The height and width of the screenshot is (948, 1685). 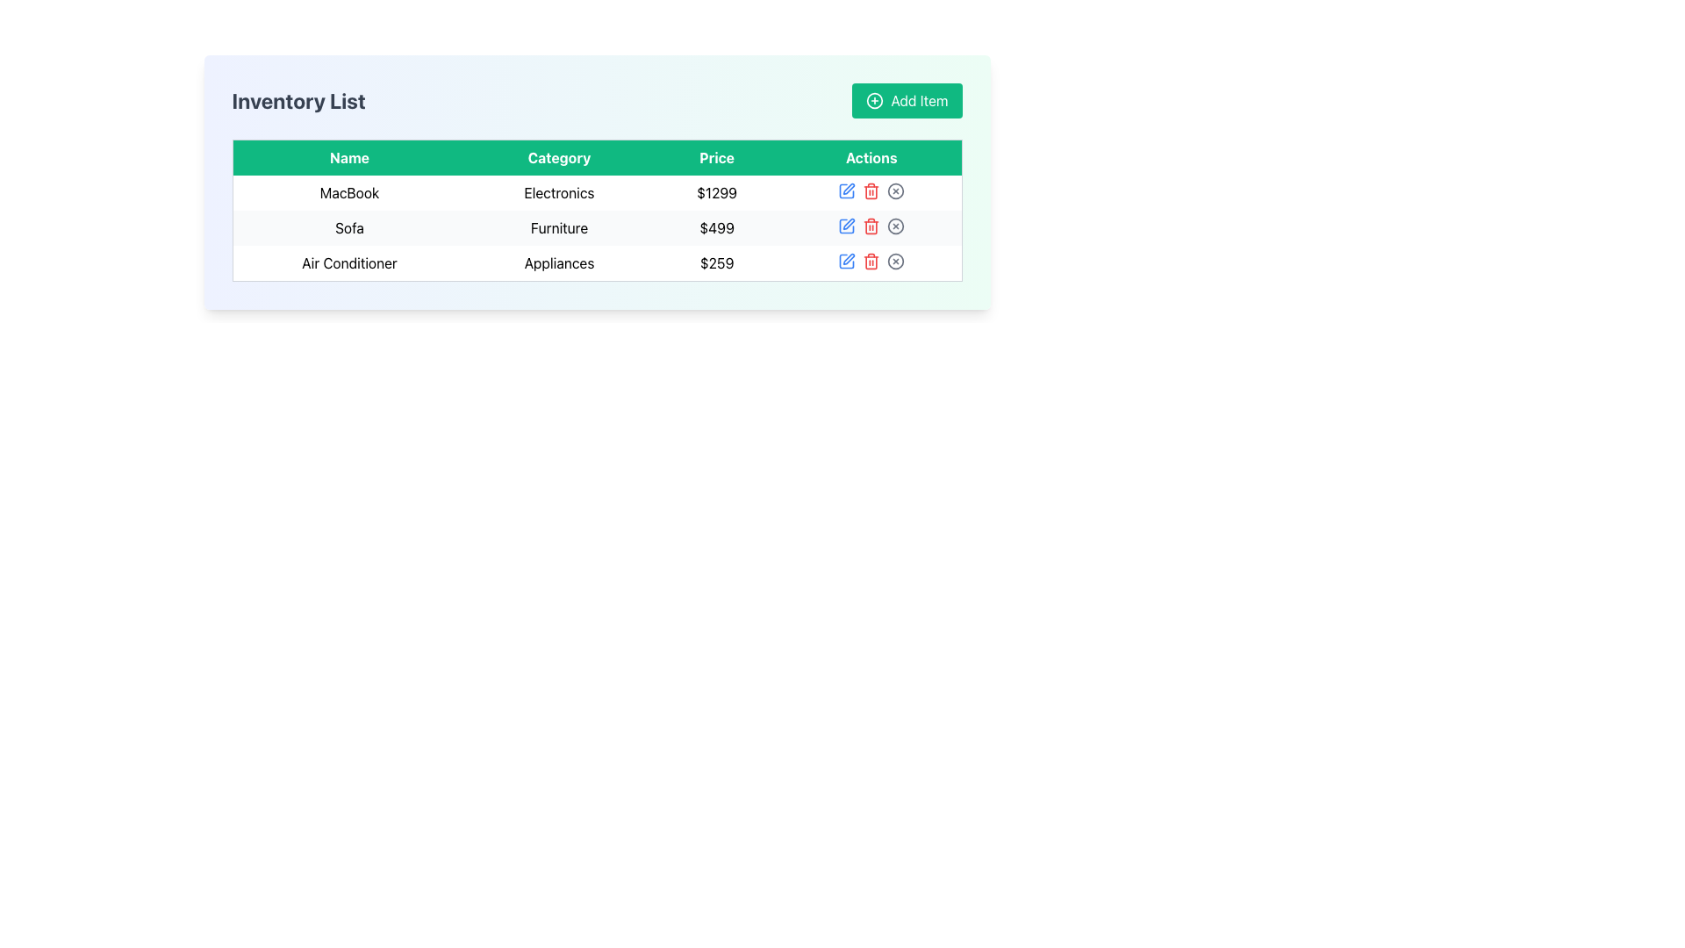 What do you see at coordinates (558, 156) in the screenshot?
I see `the green rectangular label containing the text 'Category' in white bold font, positioned in the second column of the table's header row, between 'Name' and 'Price'` at bounding box center [558, 156].